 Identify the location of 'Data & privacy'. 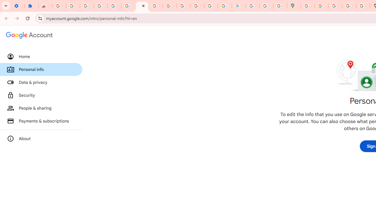
(41, 82).